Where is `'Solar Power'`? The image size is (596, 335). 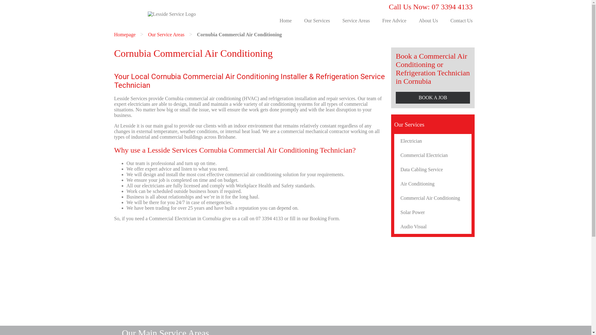
'Solar Power' is located at coordinates (432, 212).